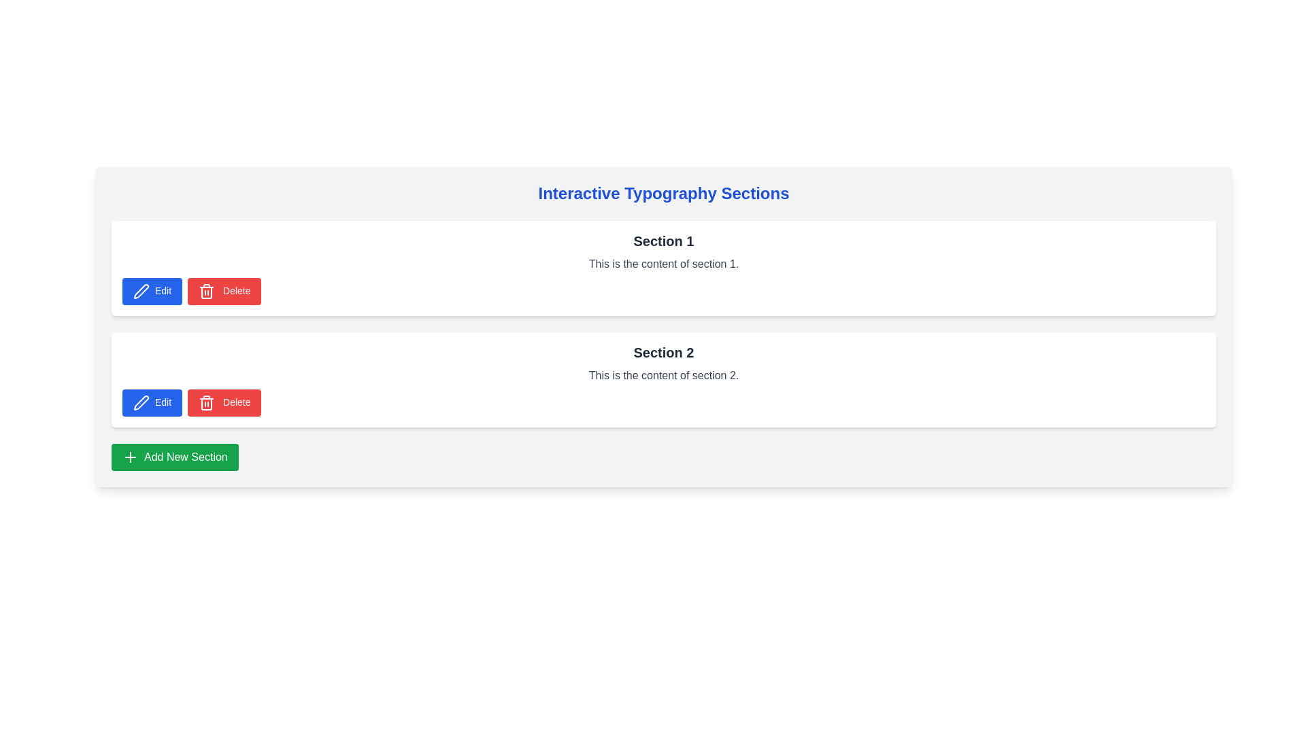  Describe the element at coordinates (141, 290) in the screenshot. I see `the small pen icon with a blue background located to the left of the text 'Edit' in the top-left corner of the first section's action area` at that location.